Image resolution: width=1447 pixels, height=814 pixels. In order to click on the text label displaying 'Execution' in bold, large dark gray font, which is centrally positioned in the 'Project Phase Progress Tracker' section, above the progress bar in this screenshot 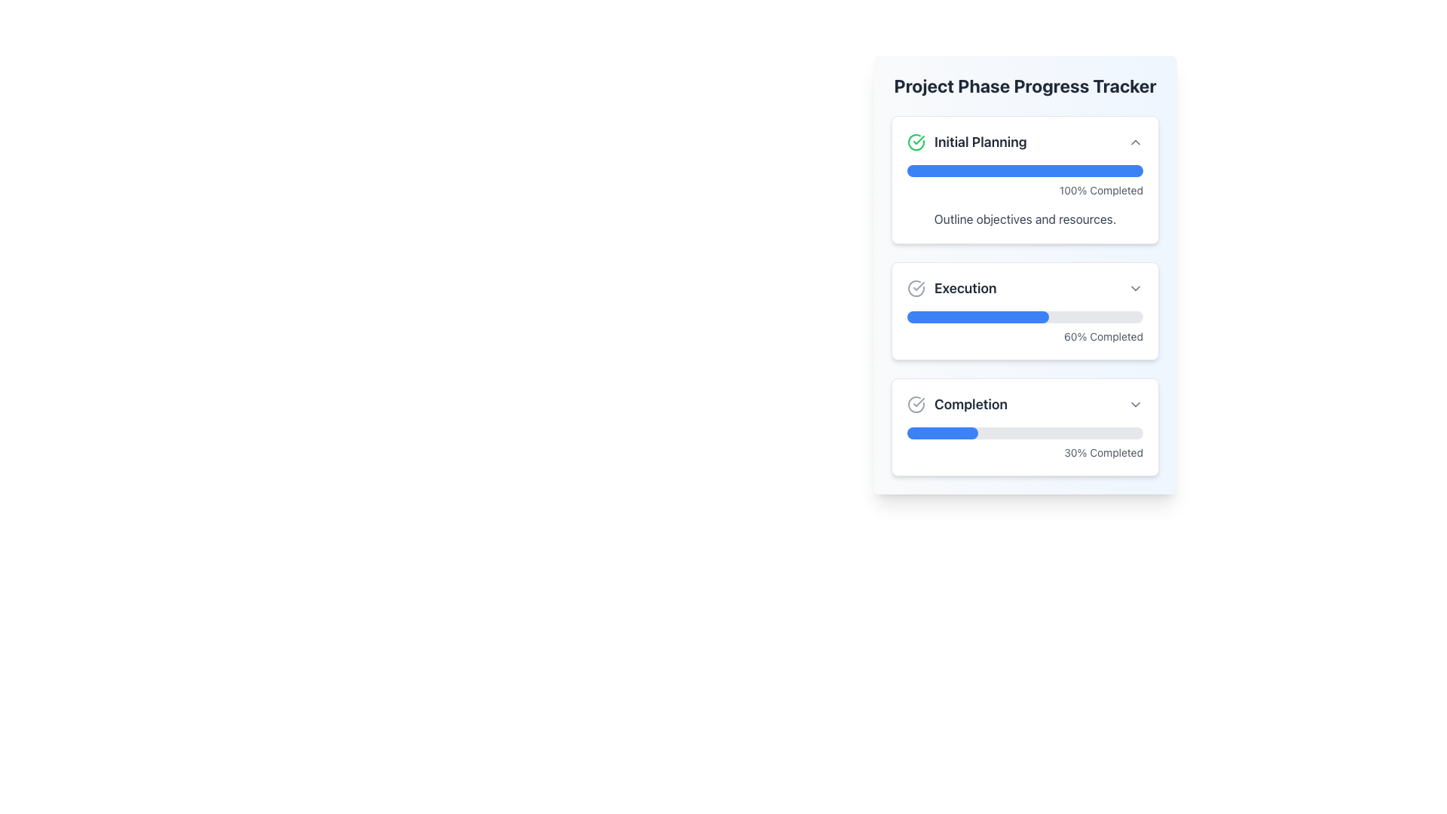, I will do `click(965, 288)`.